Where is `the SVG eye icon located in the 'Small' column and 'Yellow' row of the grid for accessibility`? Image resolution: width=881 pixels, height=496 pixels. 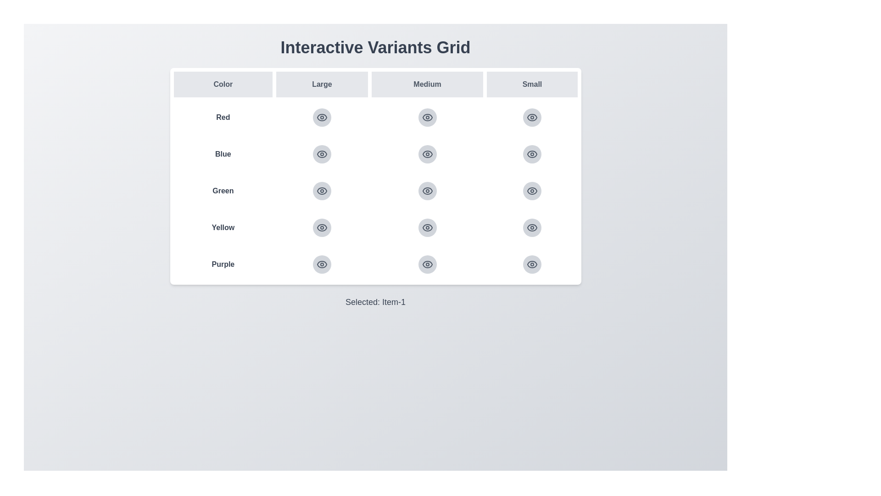
the SVG eye icon located in the 'Small' column and 'Yellow' row of the grid for accessibility is located at coordinates (532, 227).